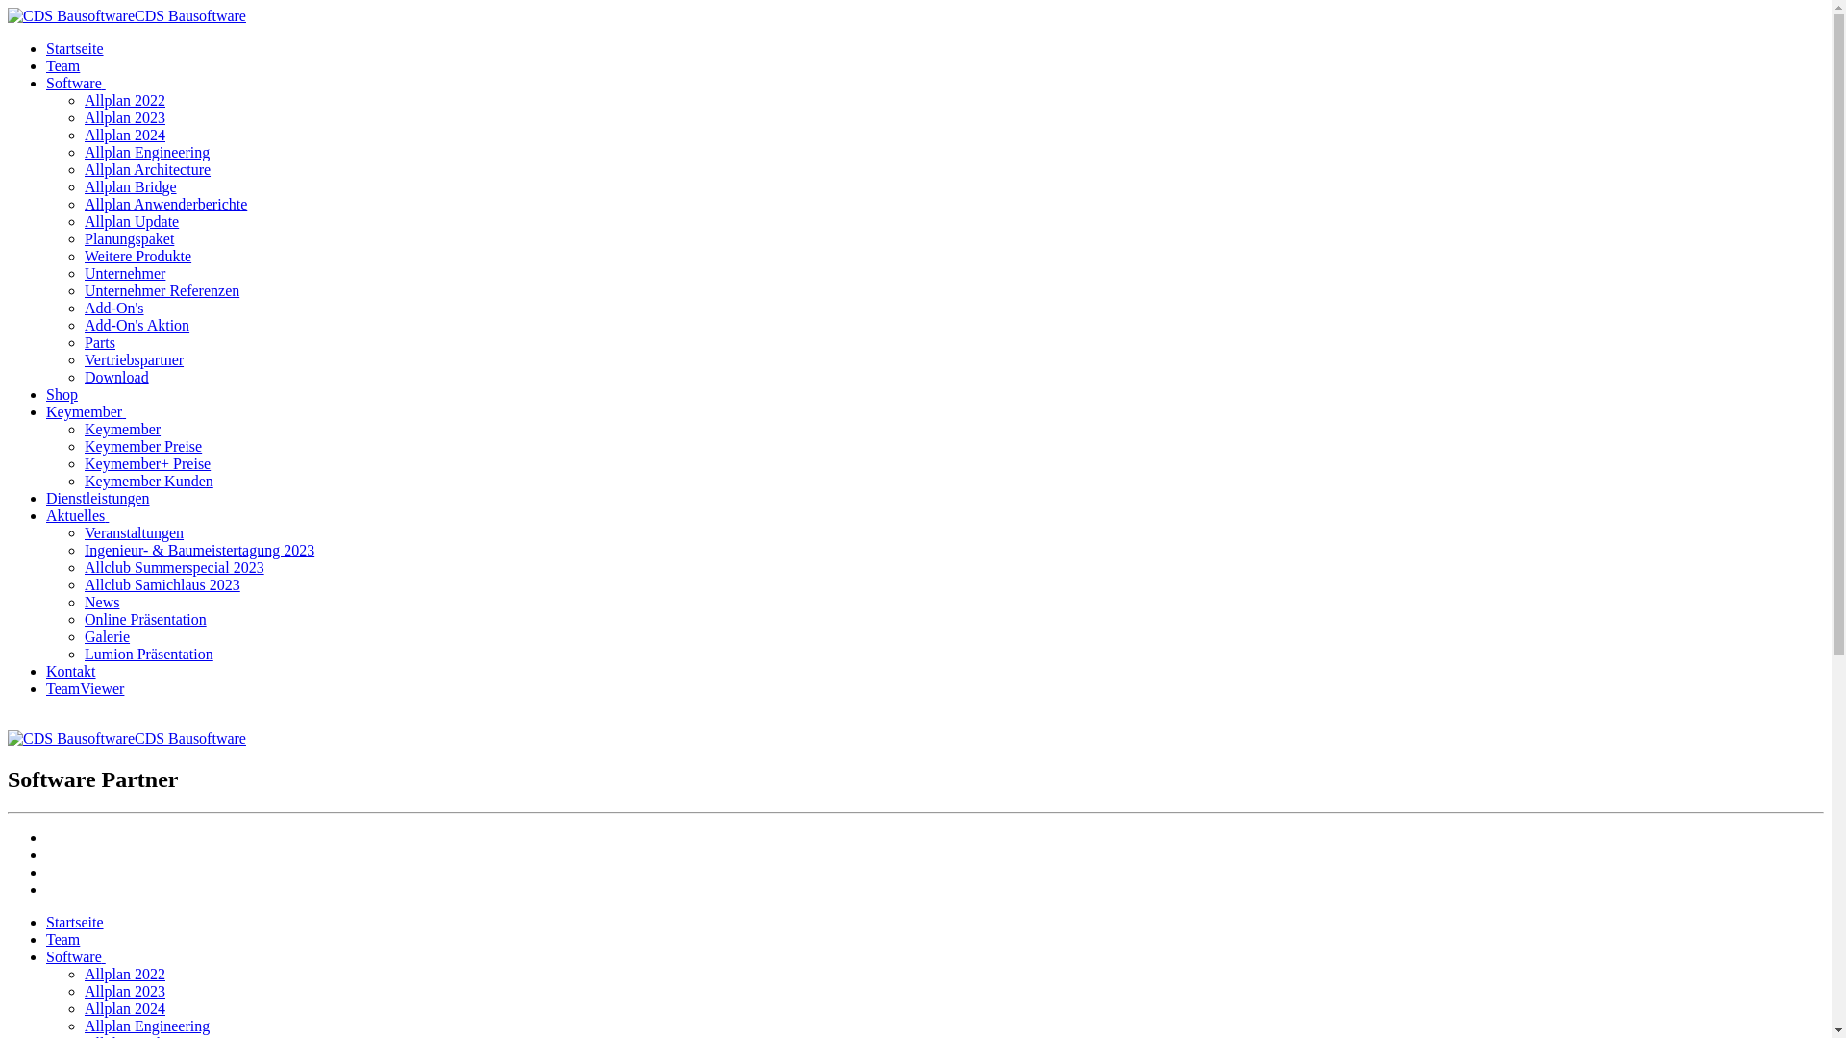 This screenshot has height=1038, width=1846. What do you see at coordinates (62, 938) in the screenshot?
I see `'Team'` at bounding box center [62, 938].